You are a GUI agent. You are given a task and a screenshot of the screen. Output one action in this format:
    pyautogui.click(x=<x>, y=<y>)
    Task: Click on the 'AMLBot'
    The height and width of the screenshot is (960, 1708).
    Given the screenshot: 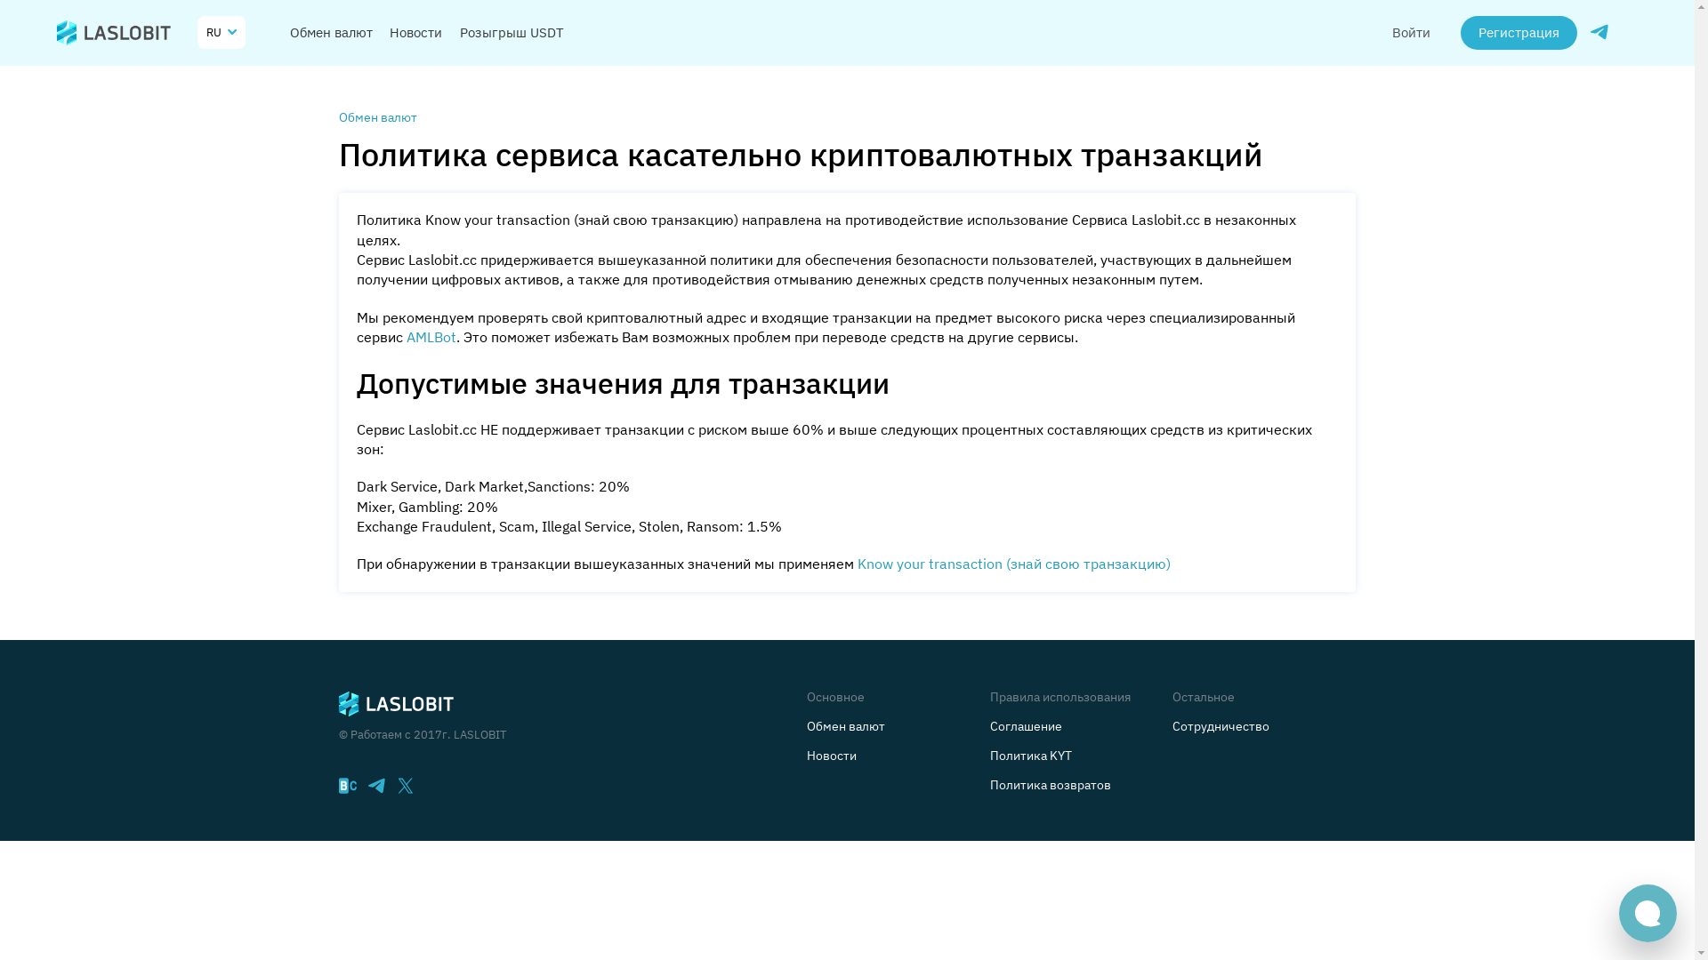 What is the action you would take?
    pyautogui.click(x=408, y=340)
    